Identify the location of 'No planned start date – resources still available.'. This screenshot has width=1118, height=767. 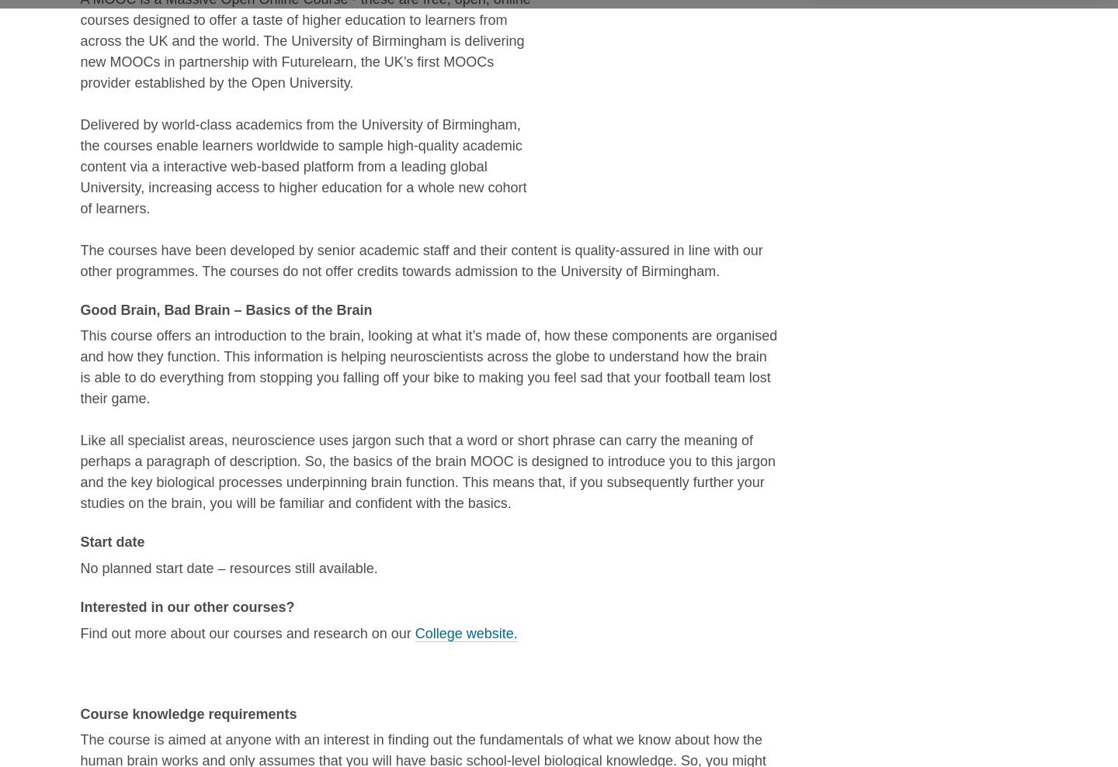
(227, 568).